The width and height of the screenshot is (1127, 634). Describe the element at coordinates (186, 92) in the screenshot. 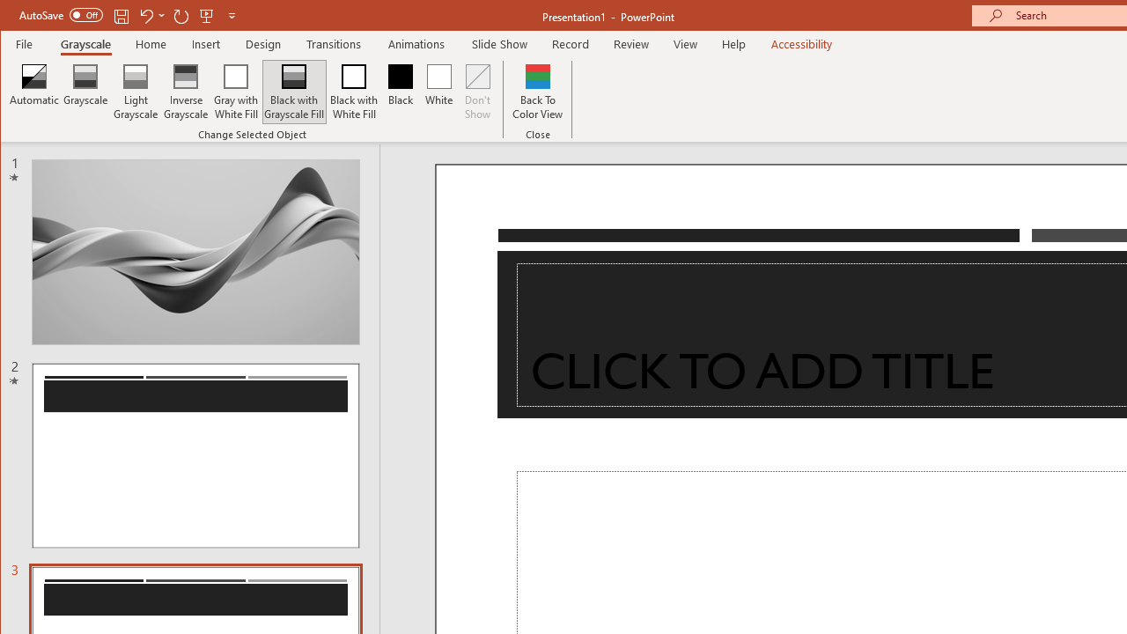

I see `'Inverse Grayscale'` at that location.